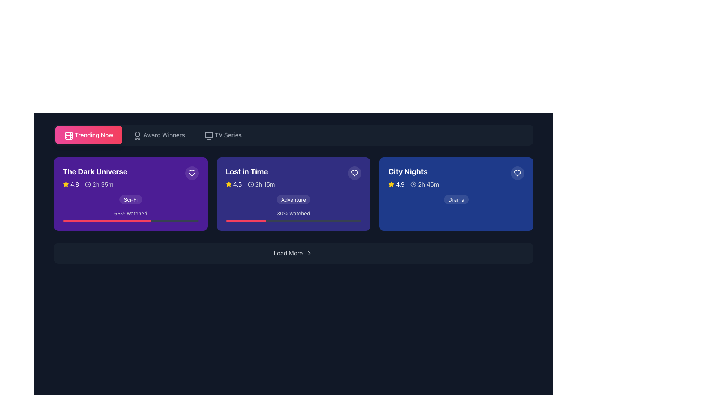 This screenshot has height=404, width=719. What do you see at coordinates (354, 173) in the screenshot?
I see `the circular heart button at the top-right corner of the 'Lost in Time' card to favorite the item` at bounding box center [354, 173].